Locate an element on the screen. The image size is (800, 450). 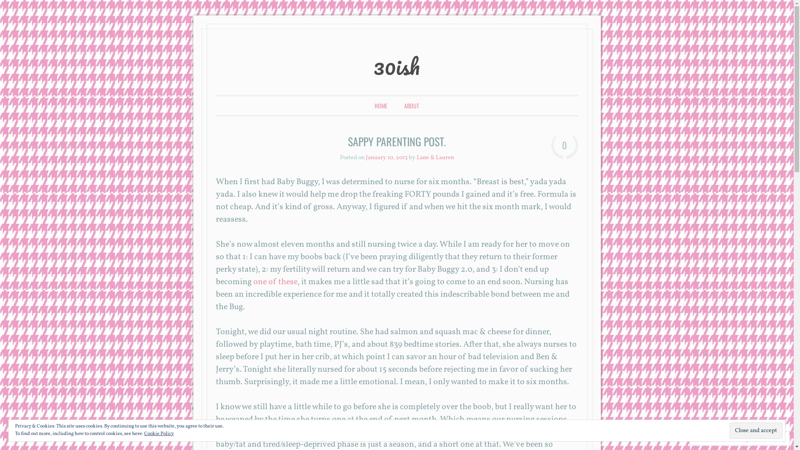
'Follow' is located at coordinates (754, 438).